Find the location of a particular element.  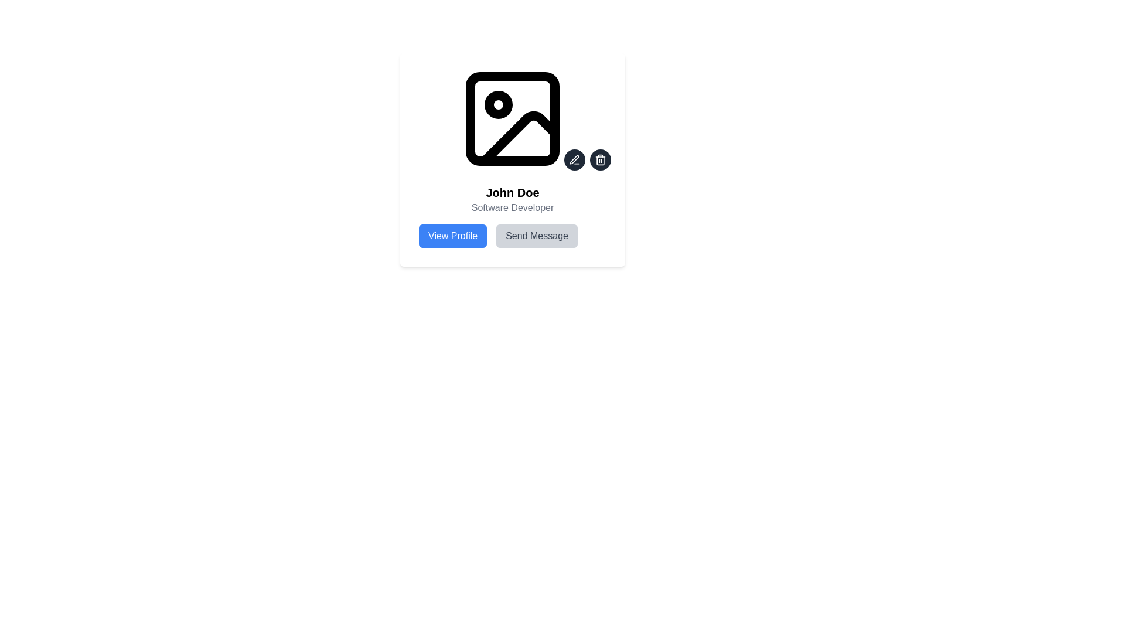

the Label that describes the professional title of the individual named 'John Doe' in the profile card layout, which is positioned directly beneath the name and above the buttons 'View Profile' and 'Send Message' is located at coordinates (512, 207).